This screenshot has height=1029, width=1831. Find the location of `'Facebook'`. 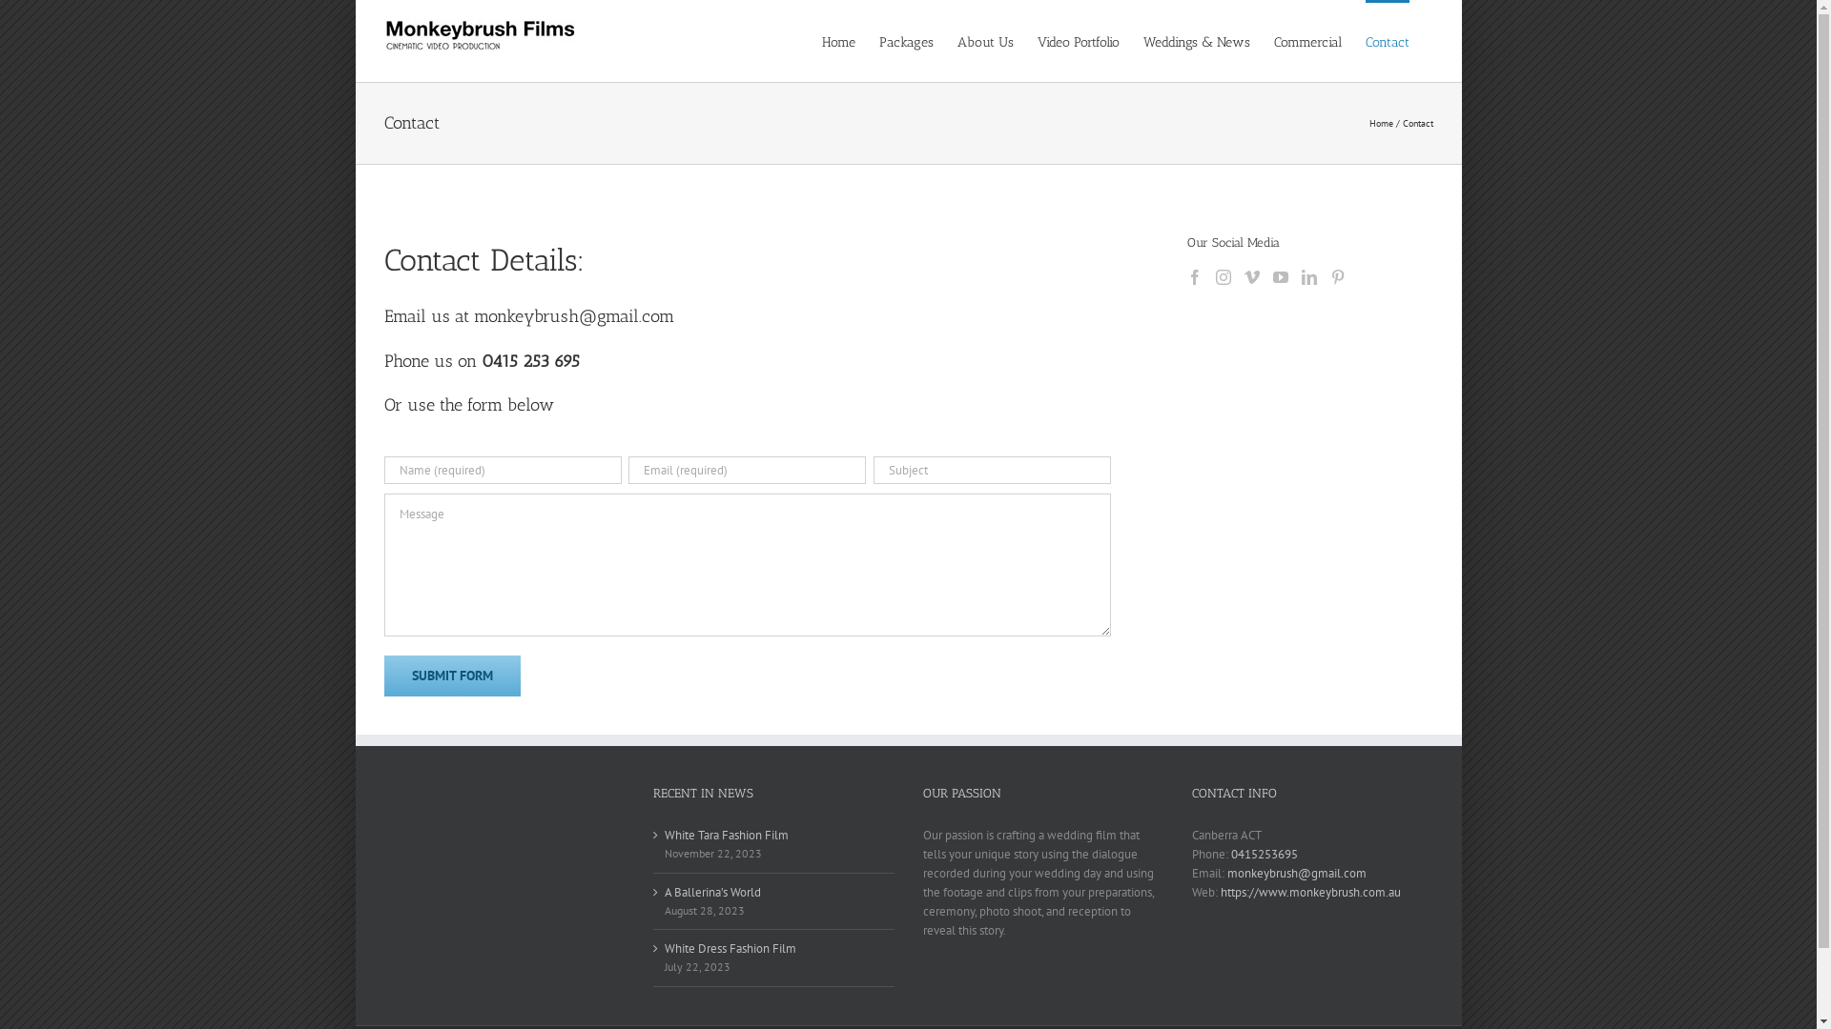

'Facebook' is located at coordinates (1193, 276).